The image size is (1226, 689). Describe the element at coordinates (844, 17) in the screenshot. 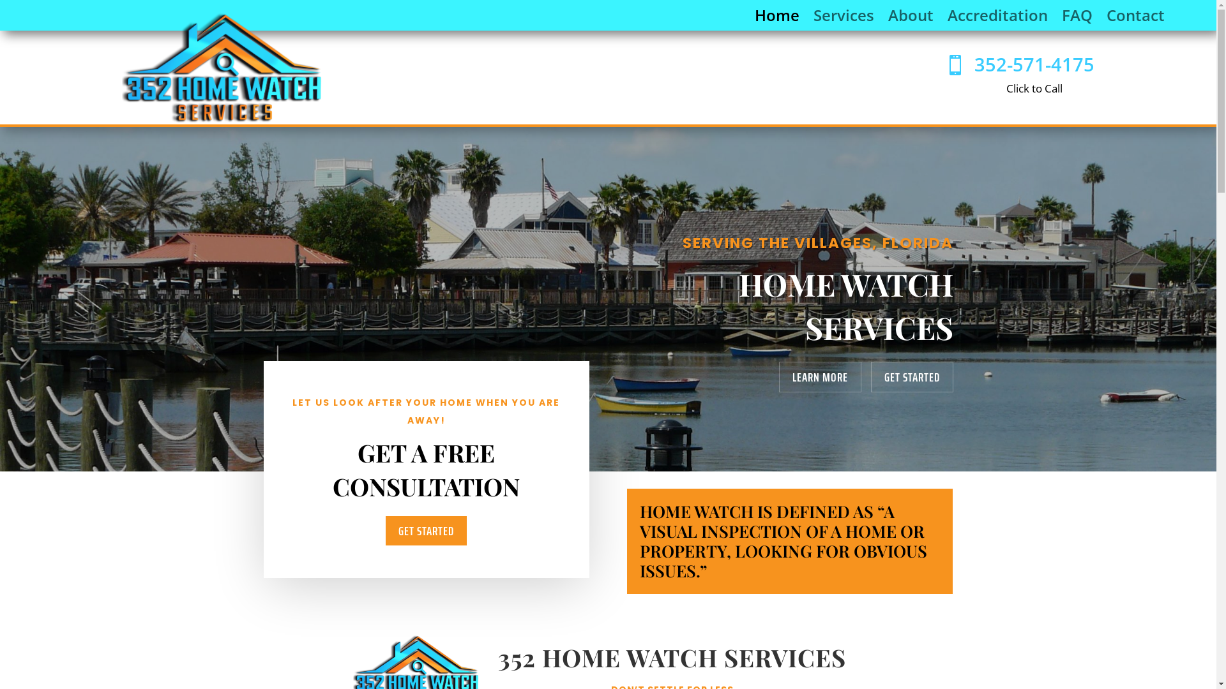

I see `'Services'` at that location.